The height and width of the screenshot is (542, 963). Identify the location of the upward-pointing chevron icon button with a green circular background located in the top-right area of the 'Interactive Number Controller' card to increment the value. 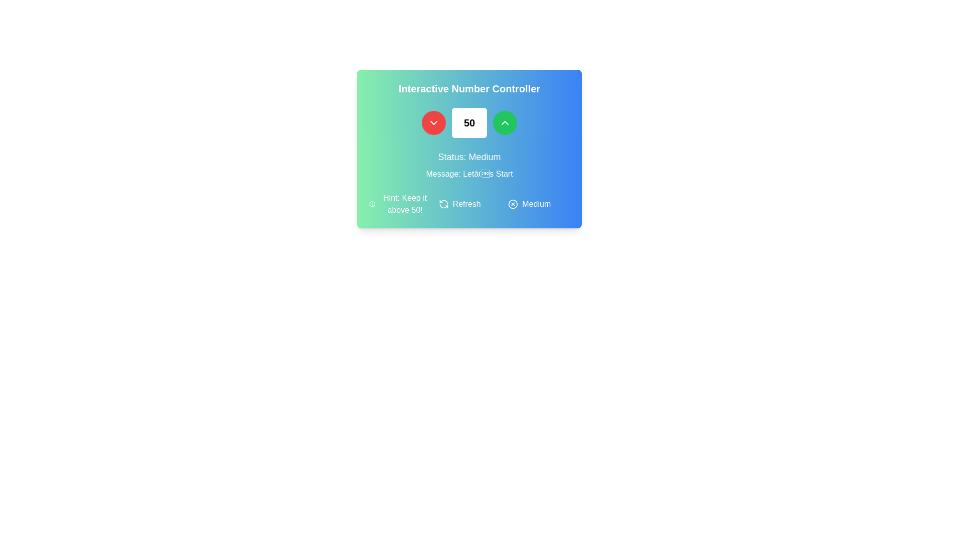
(505, 122).